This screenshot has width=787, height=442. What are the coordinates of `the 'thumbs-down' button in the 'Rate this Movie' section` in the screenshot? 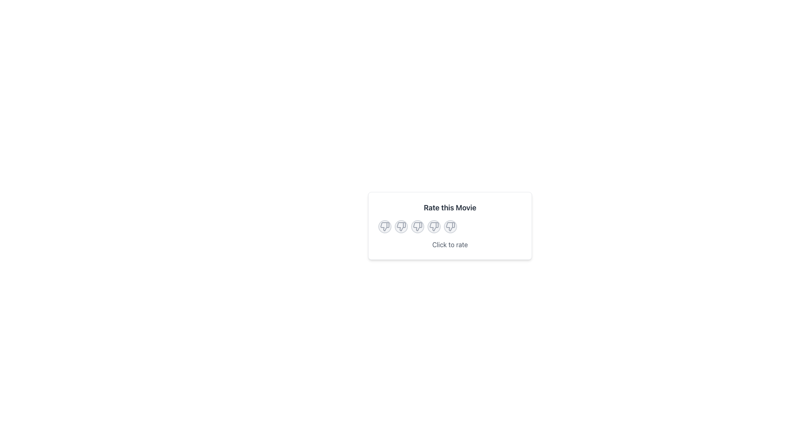 It's located at (401, 227).